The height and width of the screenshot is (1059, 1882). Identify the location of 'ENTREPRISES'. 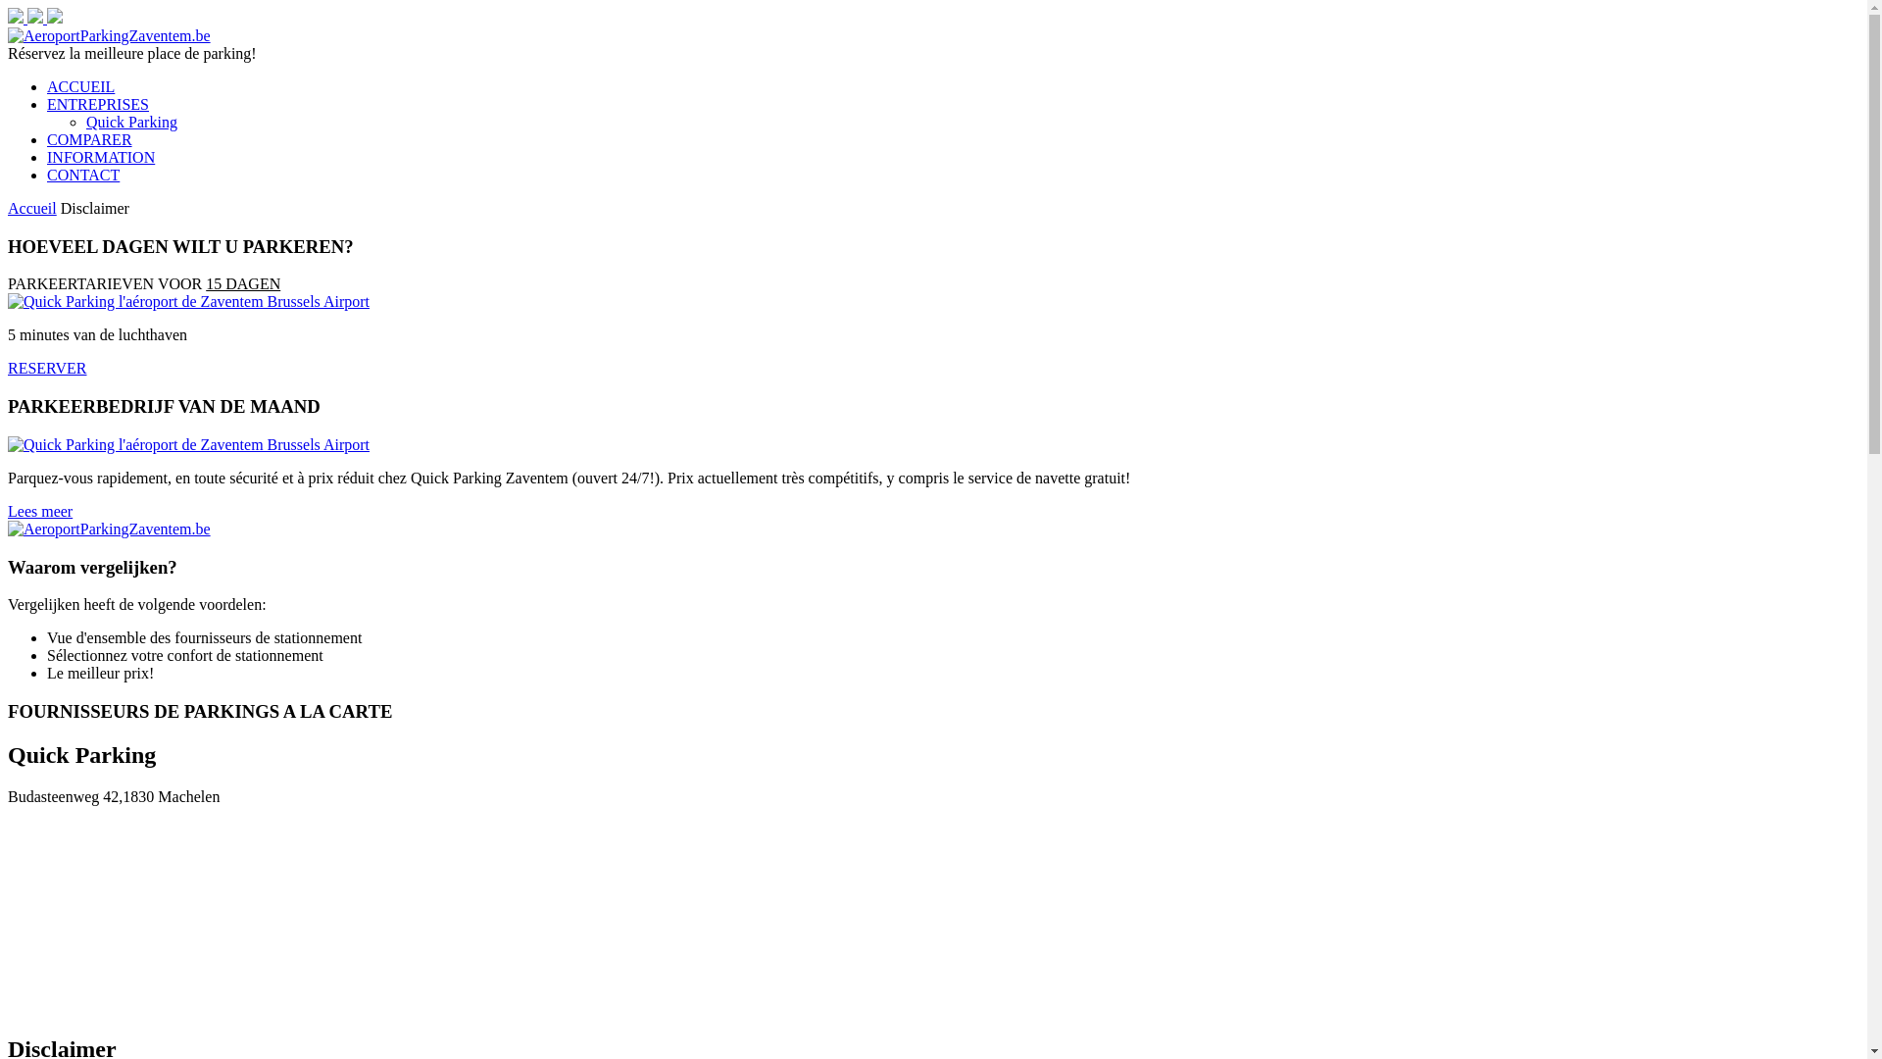
(97, 104).